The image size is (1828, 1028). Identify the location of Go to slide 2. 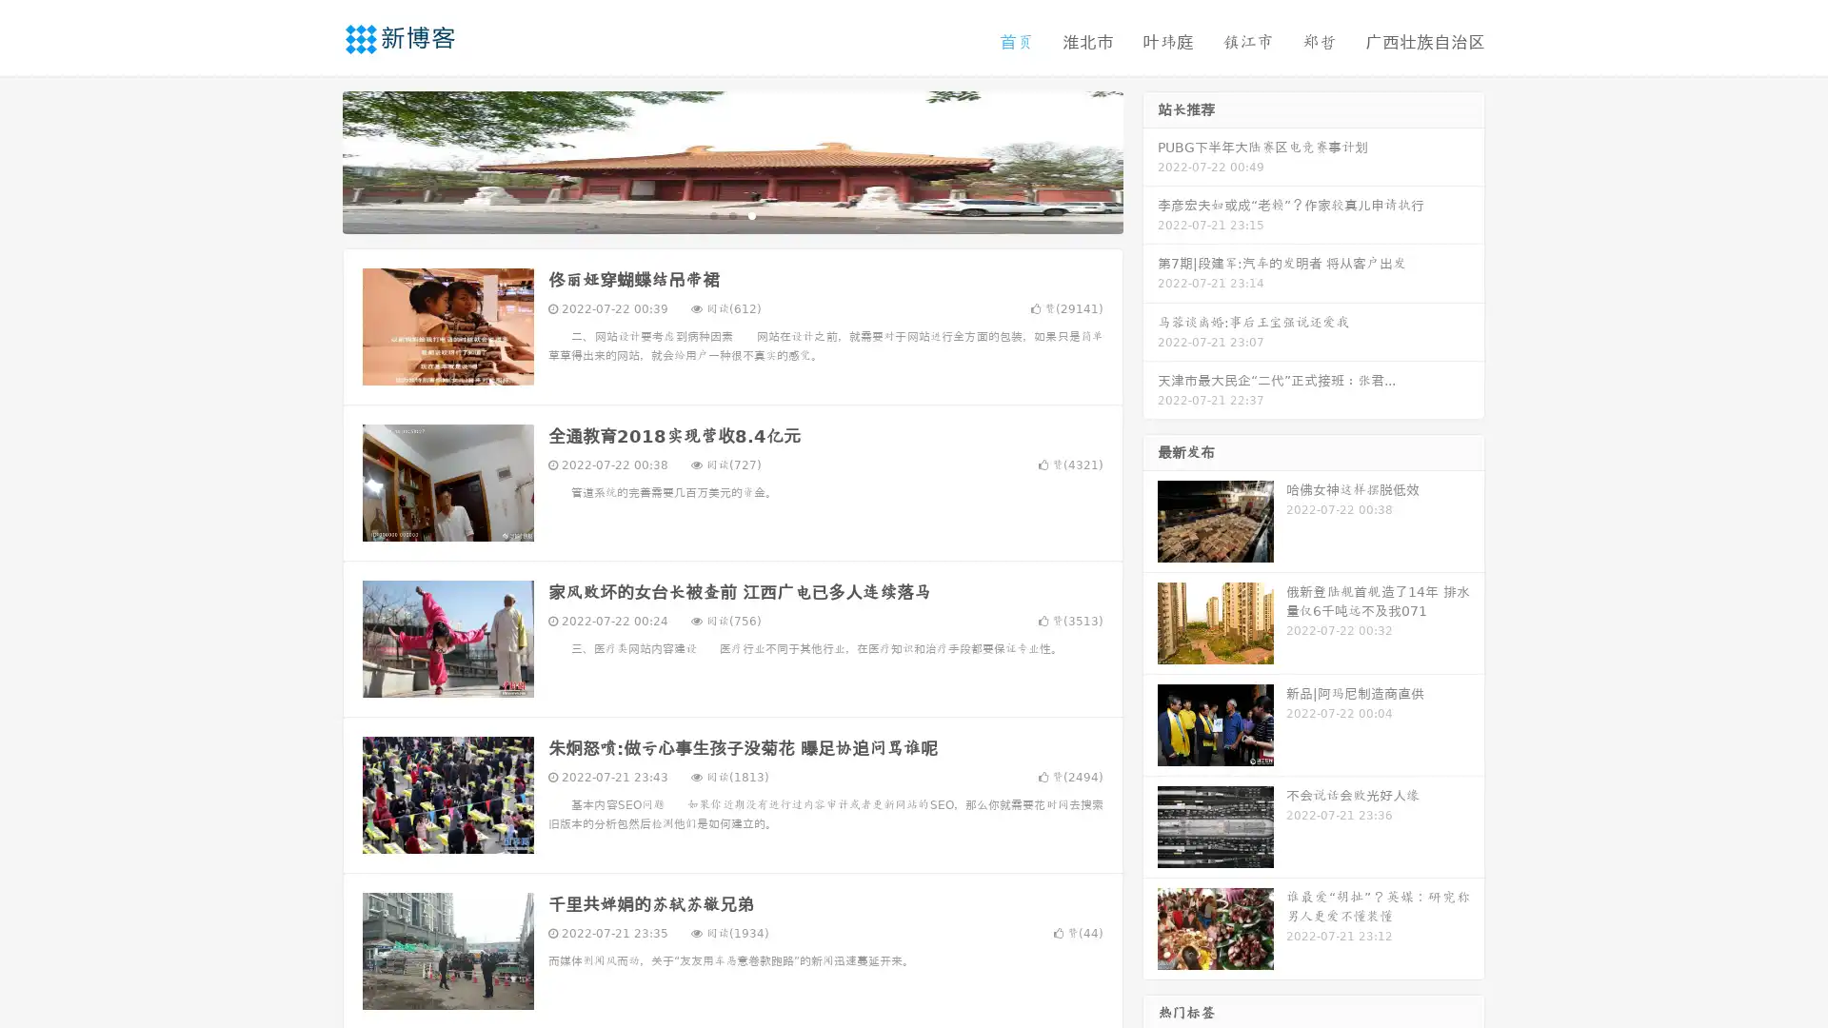
(731, 214).